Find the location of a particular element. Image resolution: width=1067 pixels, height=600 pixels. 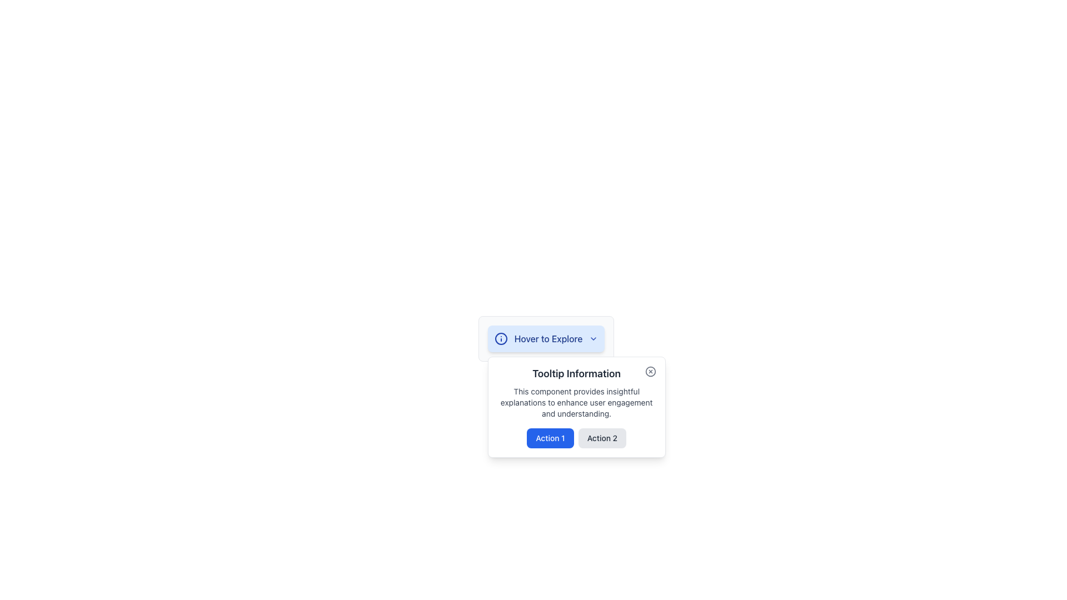

the blue button labeled 'Hover is located at coordinates (546, 338).